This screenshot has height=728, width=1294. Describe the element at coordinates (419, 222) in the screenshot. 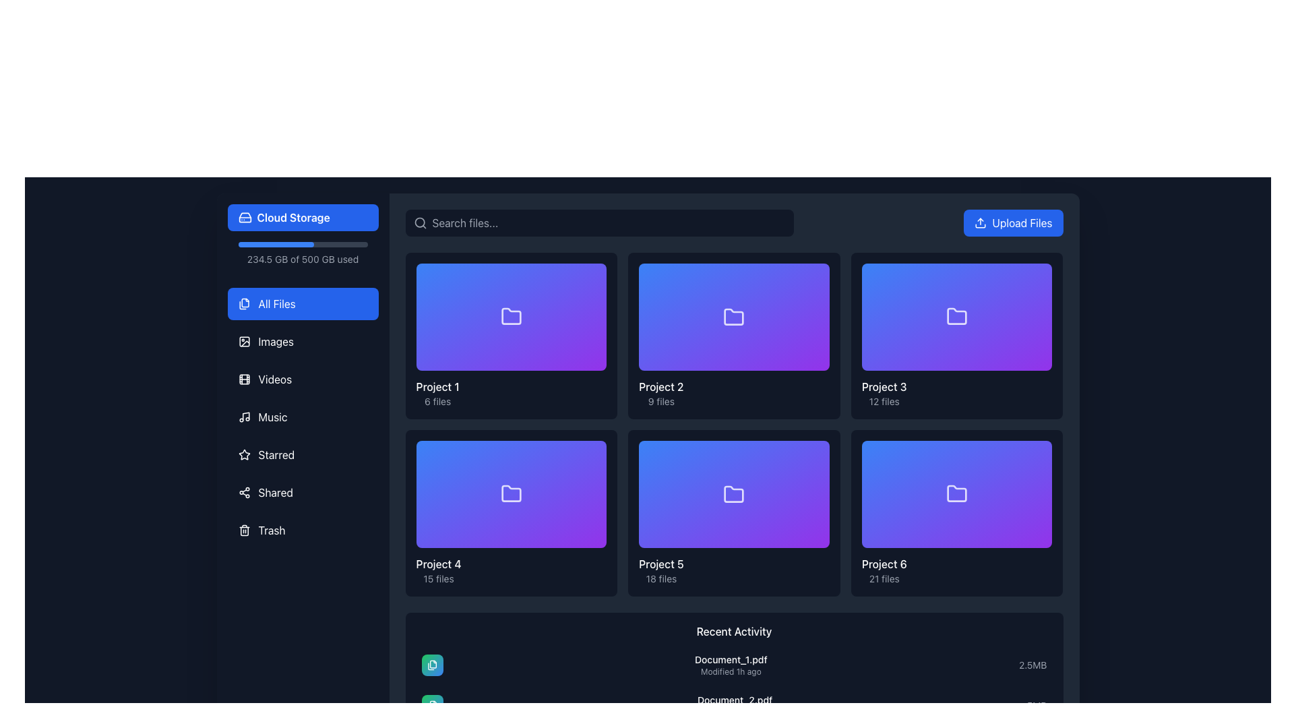

I see `the magnifying glass icon styled in a minimalistic outline format located at the far left side of the search bar input field near the top-center of the interface` at that location.